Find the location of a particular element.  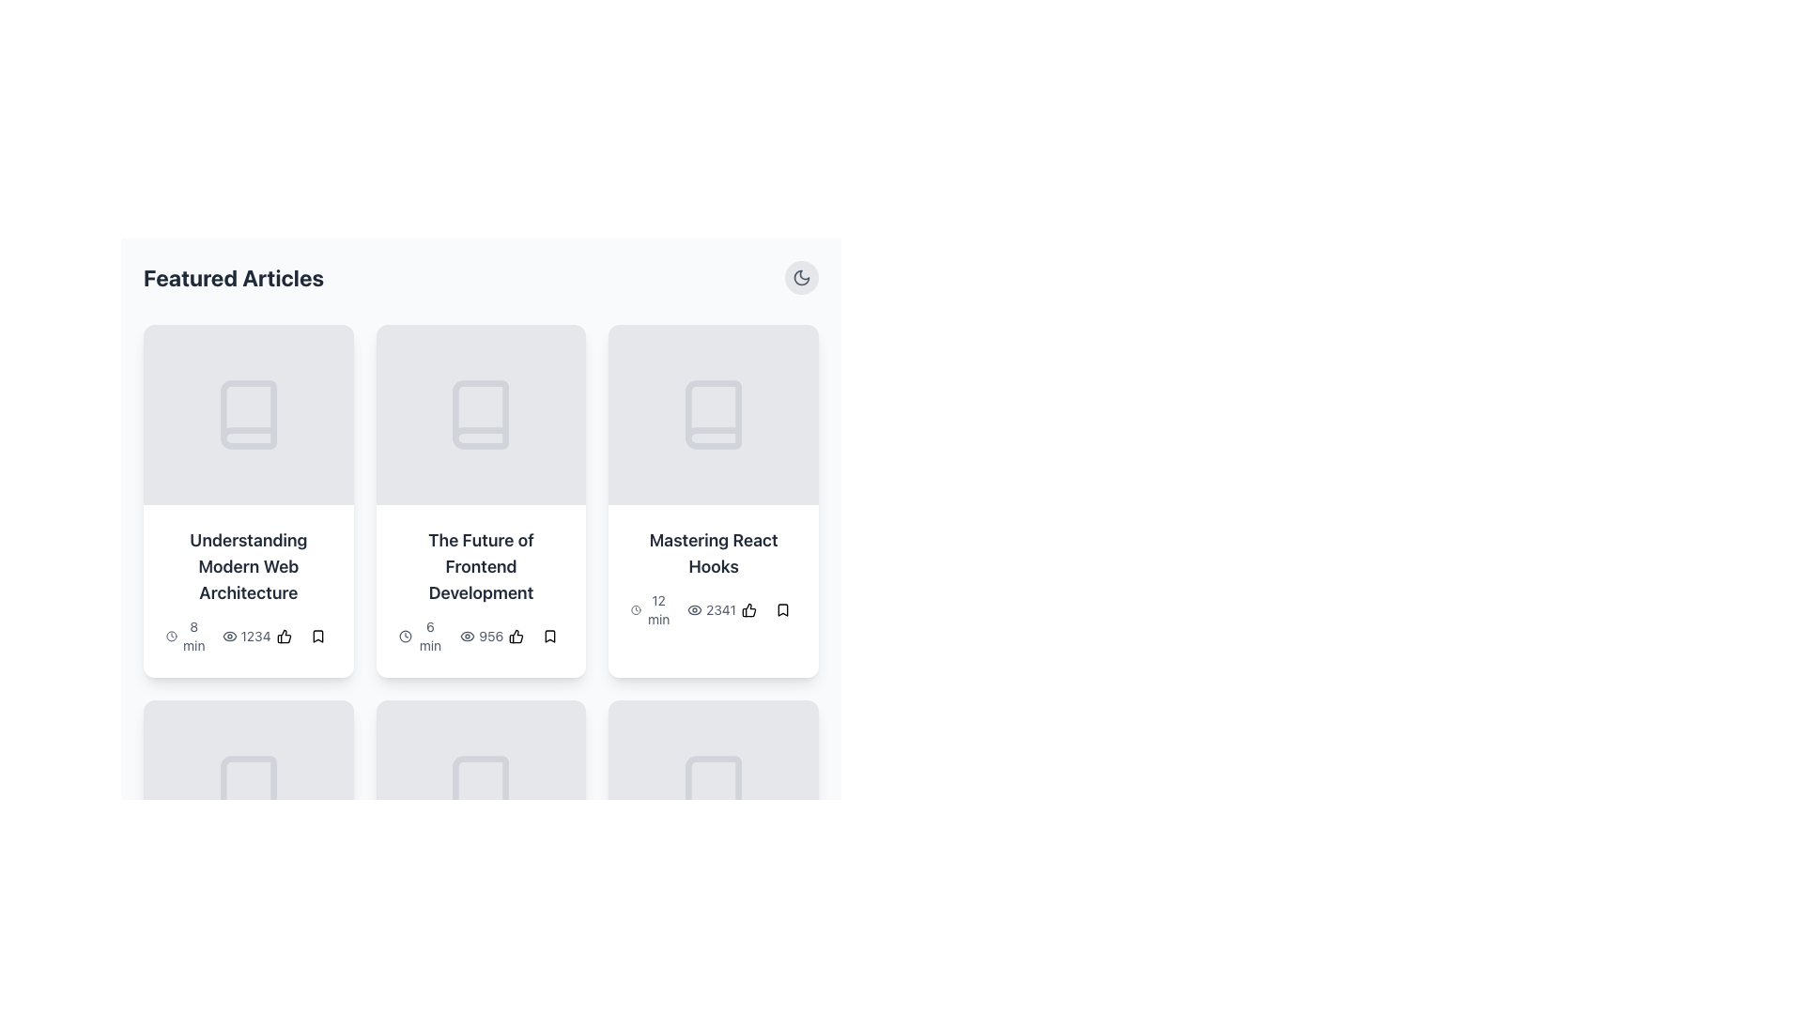

the text element indicating view count located in the lower-left corner of the first article card is located at coordinates (245, 636).